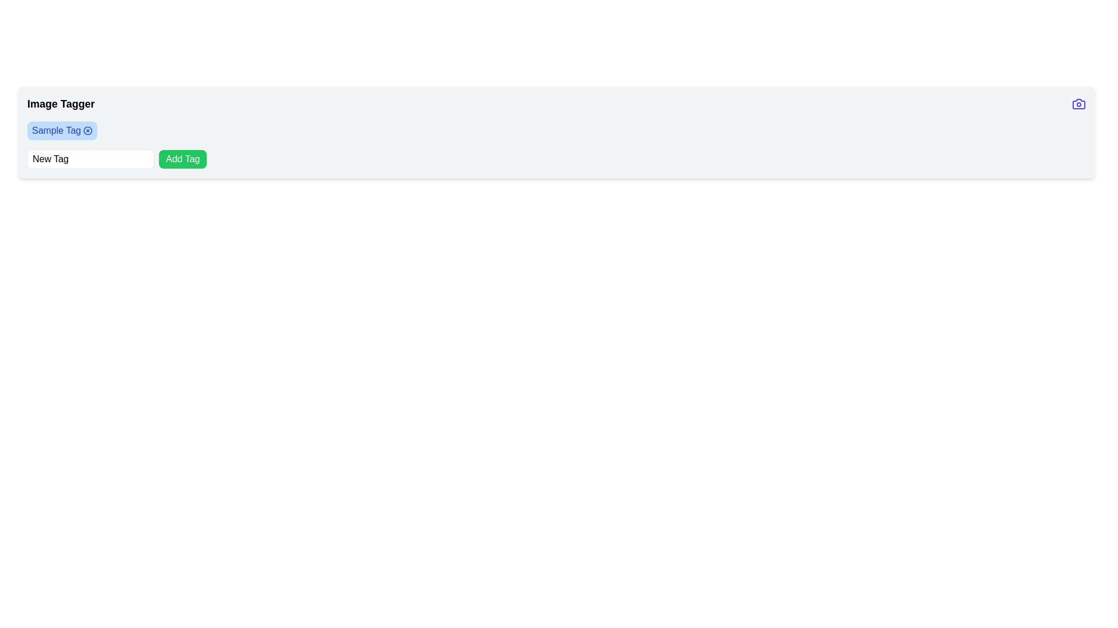 This screenshot has width=1118, height=628. I want to click on the button used to add a new tag, located to the right of the 'New Tag' text input field, so click(182, 159).